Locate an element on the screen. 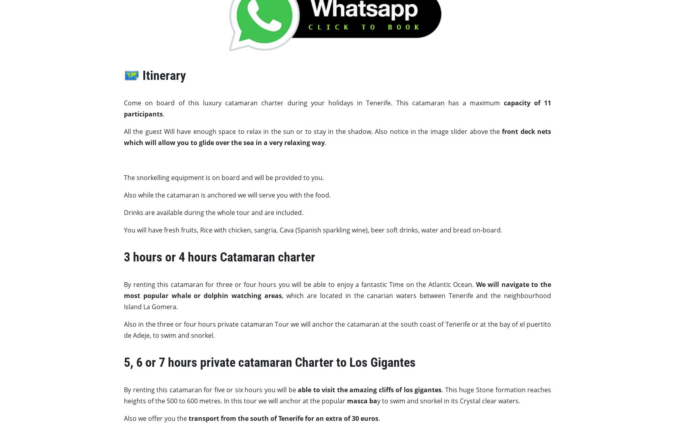  '® 2014 - 2023' is located at coordinates (372, 343).